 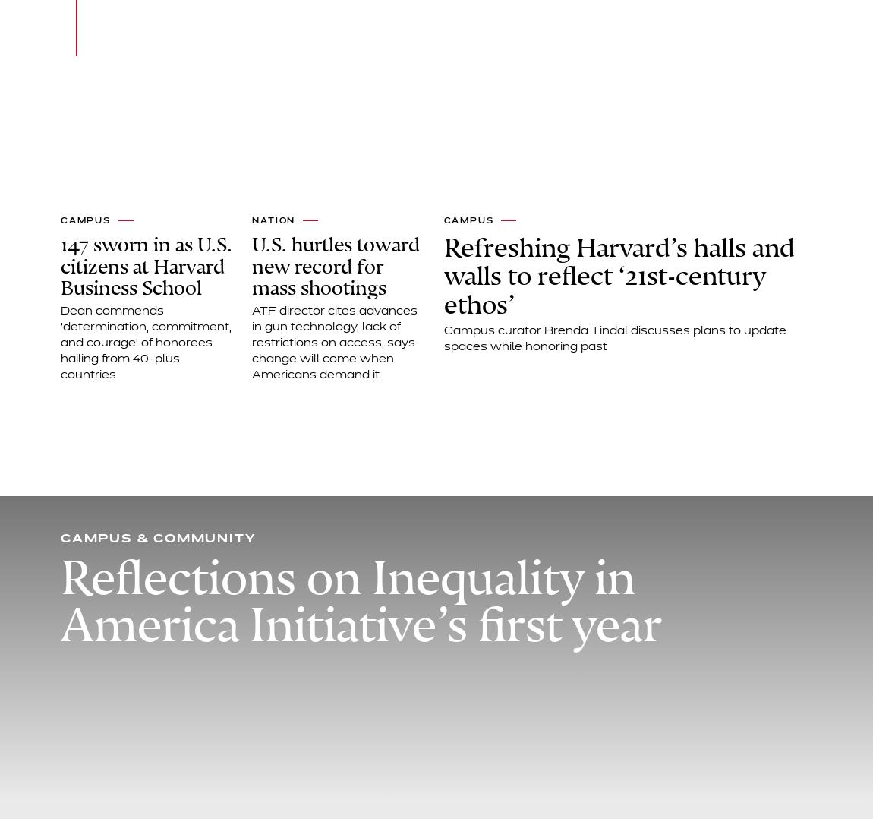 I want to click on 'U.S. hurtles toward new record for mass shootings', so click(x=336, y=266).